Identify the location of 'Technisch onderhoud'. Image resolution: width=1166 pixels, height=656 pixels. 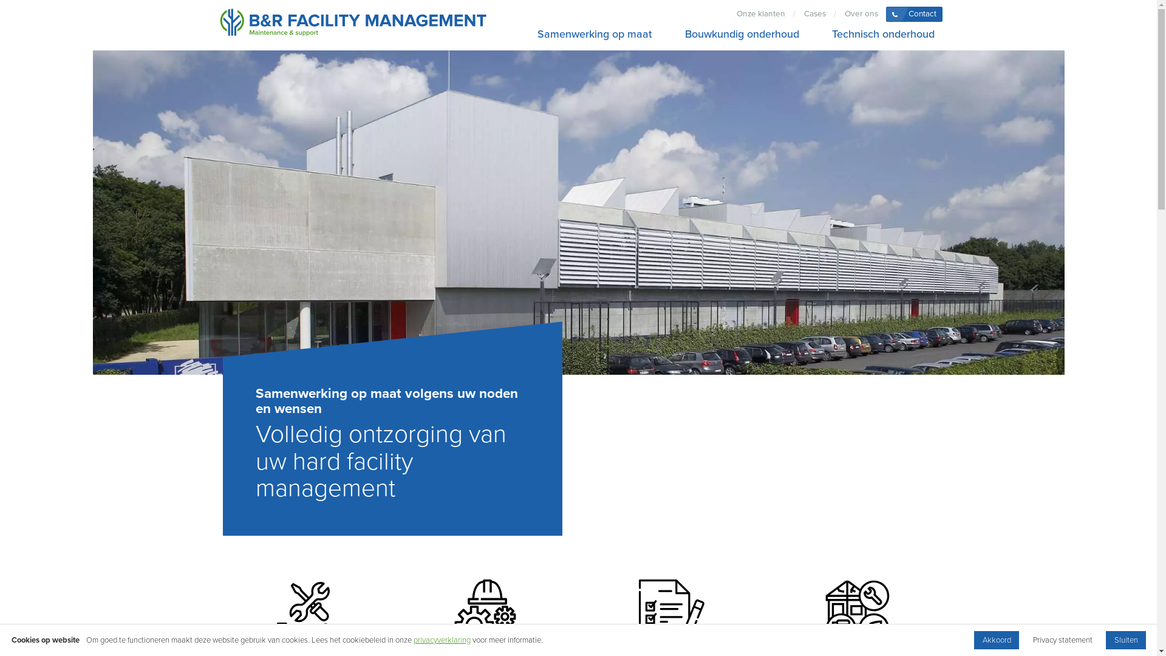
(823, 33).